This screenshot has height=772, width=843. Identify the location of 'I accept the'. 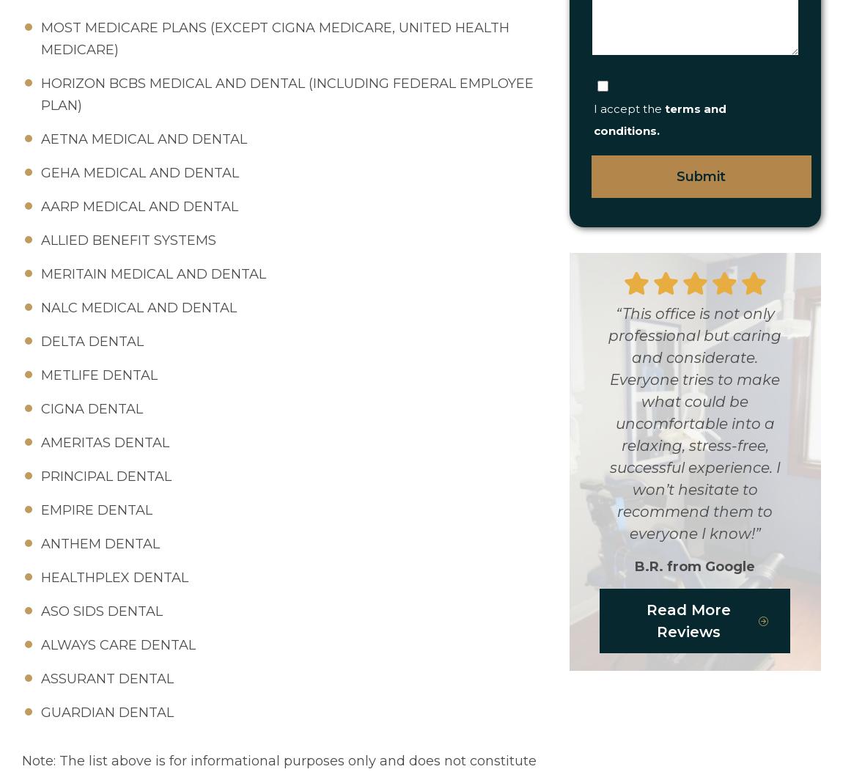
(627, 108).